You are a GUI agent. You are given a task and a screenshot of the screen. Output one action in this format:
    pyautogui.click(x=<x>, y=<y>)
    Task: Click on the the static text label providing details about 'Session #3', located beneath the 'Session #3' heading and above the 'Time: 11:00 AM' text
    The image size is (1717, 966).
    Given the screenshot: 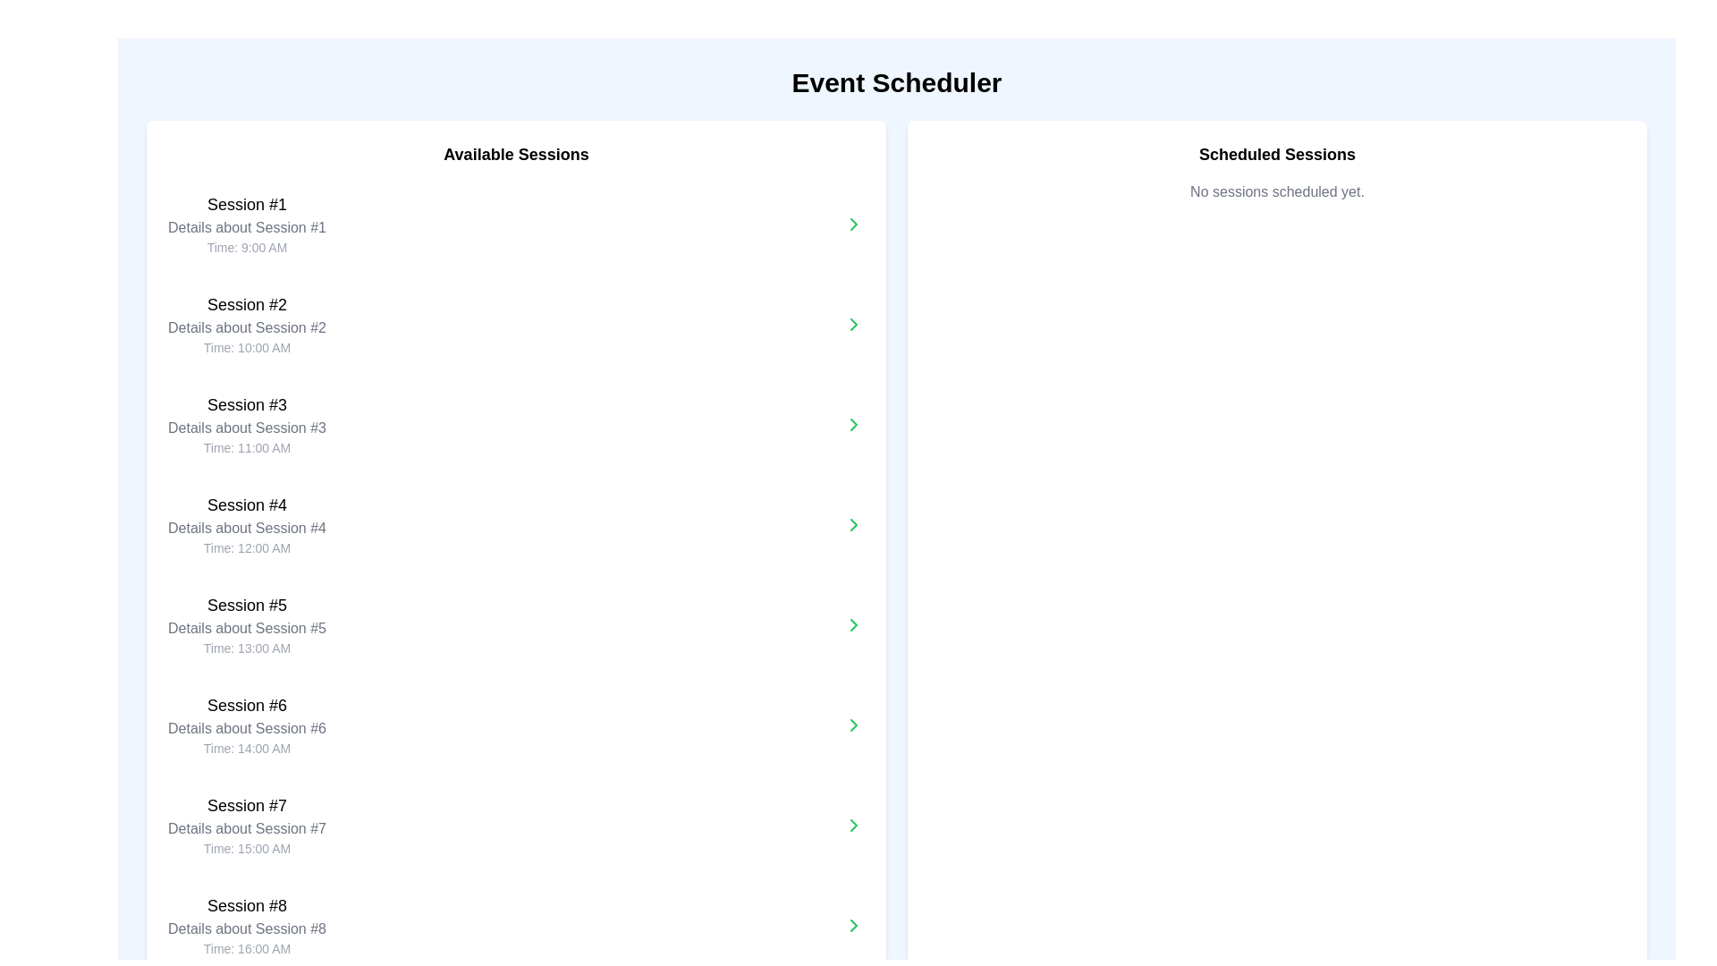 What is the action you would take?
    pyautogui.click(x=246, y=428)
    